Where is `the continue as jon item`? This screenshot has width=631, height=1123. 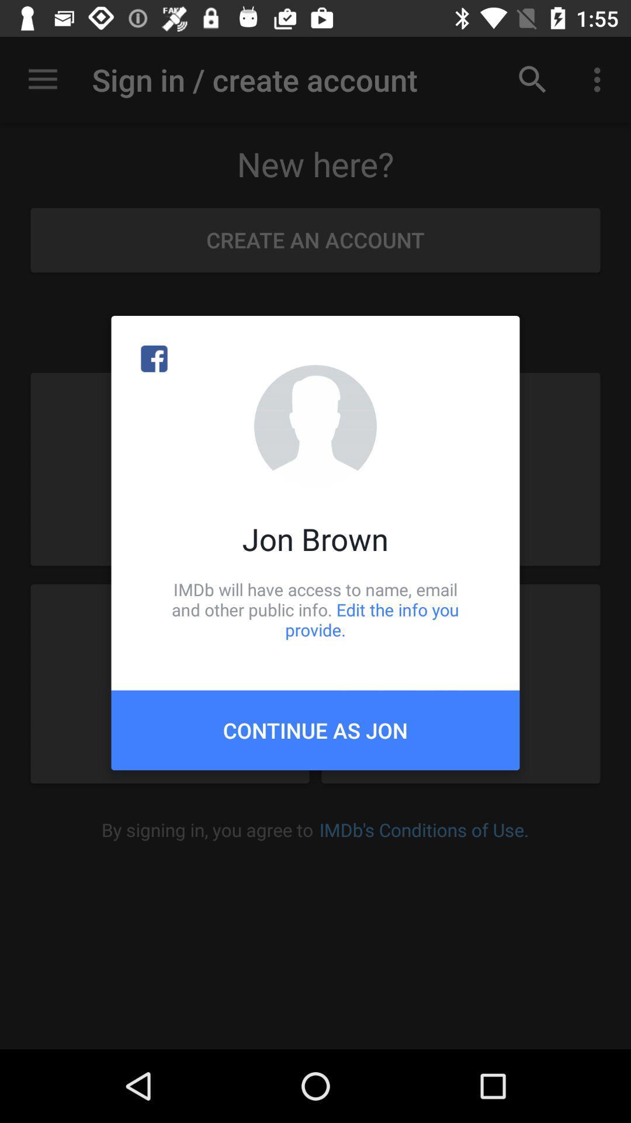 the continue as jon item is located at coordinates (315, 729).